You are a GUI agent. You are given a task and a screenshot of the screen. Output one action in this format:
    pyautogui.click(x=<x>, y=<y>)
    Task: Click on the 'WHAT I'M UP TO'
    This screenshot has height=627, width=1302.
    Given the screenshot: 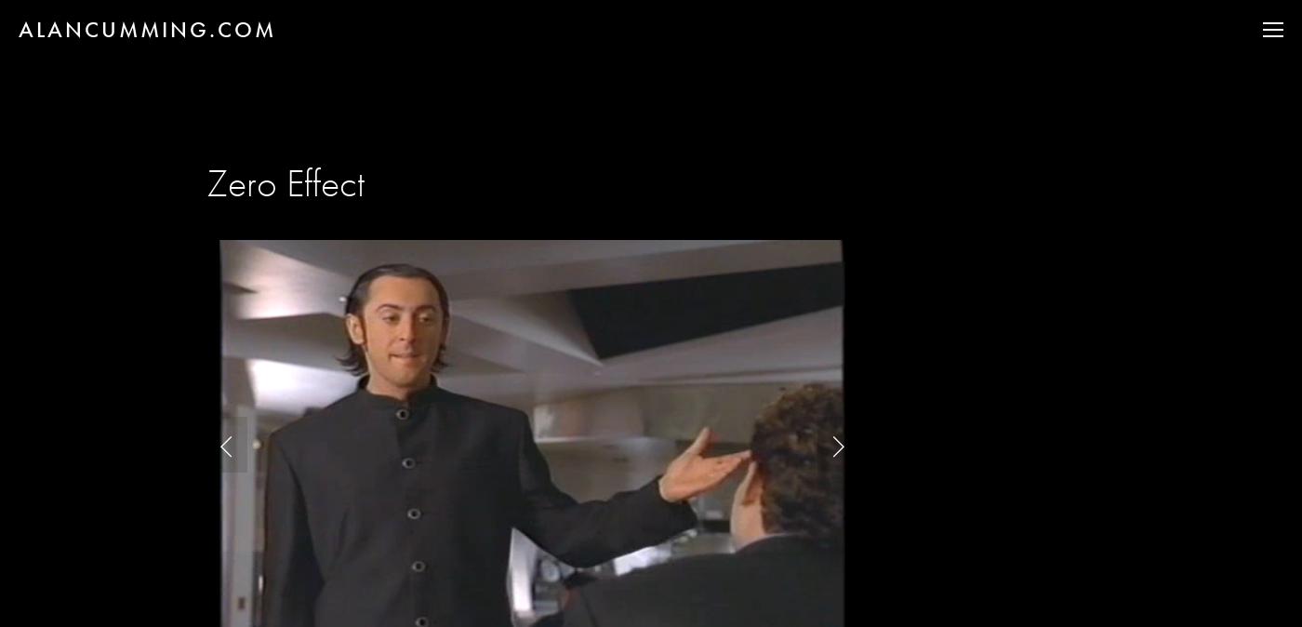 What is the action you would take?
    pyautogui.click(x=1094, y=156)
    